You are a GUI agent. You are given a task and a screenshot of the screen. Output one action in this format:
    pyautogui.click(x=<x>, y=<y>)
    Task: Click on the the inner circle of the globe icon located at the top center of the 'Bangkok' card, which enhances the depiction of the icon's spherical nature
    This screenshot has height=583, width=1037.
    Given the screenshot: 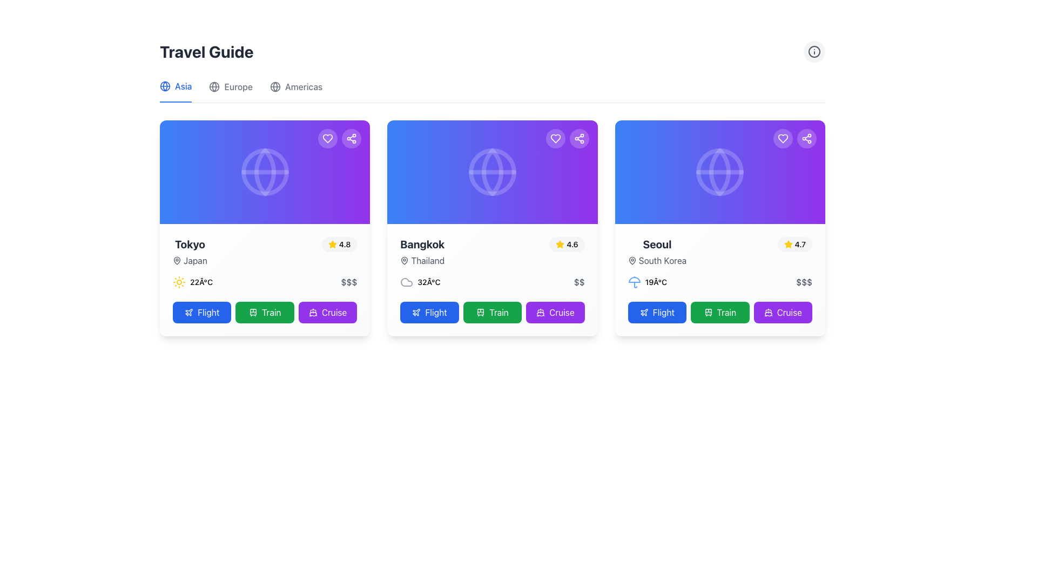 What is the action you would take?
    pyautogui.click(x=492, y=172)
    